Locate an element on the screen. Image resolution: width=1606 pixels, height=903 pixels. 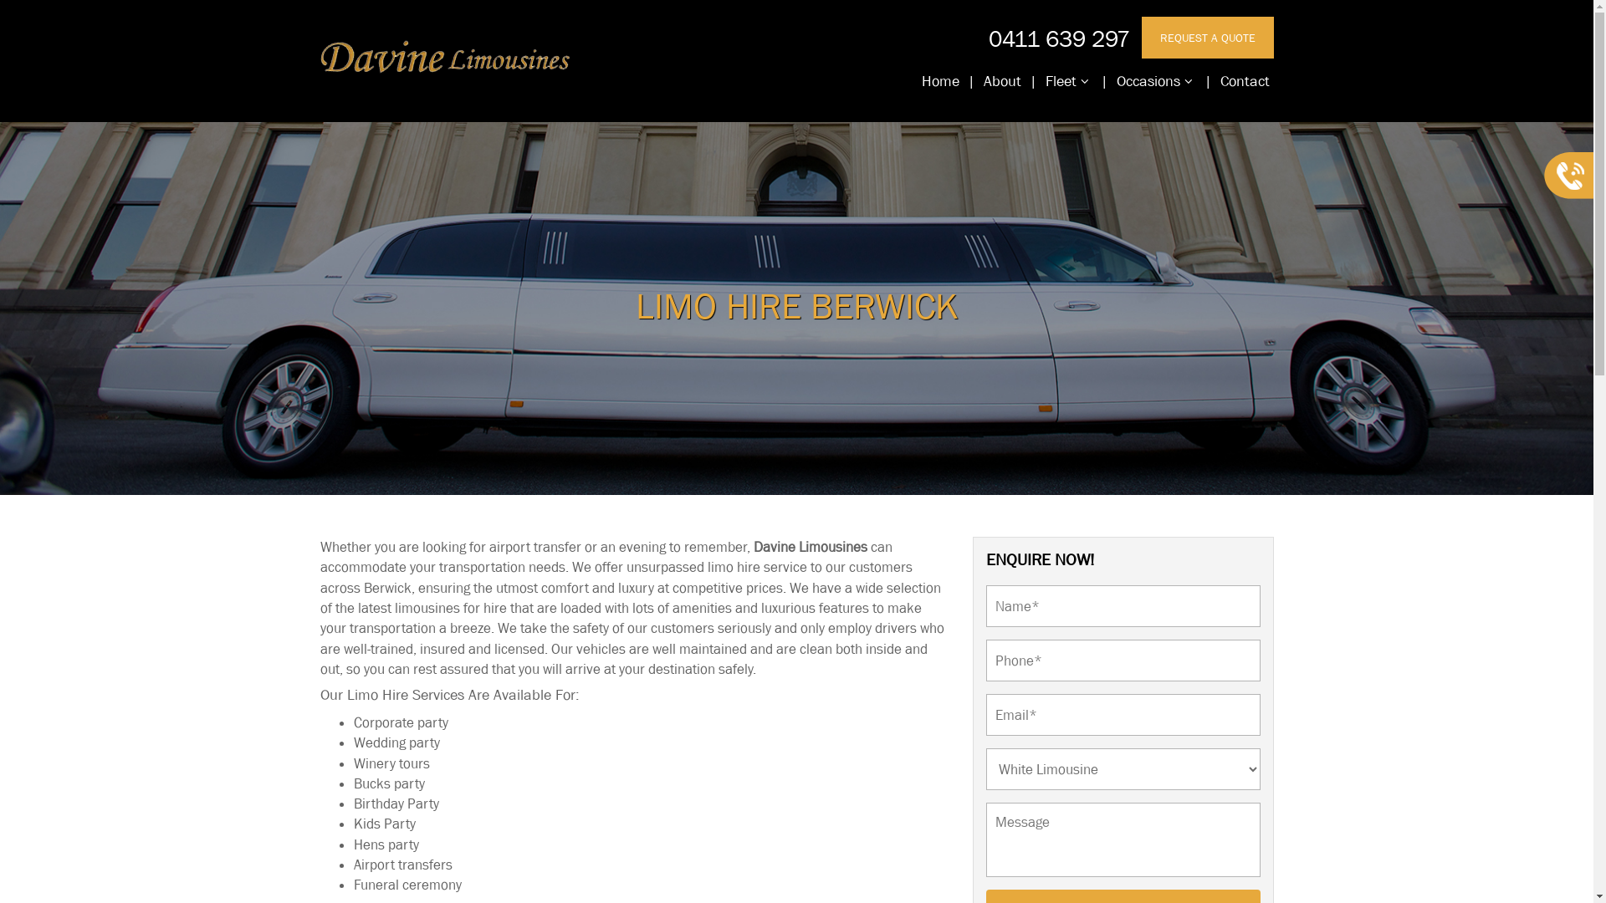
'Davine Limousines' is located at coordinates (752, 547).